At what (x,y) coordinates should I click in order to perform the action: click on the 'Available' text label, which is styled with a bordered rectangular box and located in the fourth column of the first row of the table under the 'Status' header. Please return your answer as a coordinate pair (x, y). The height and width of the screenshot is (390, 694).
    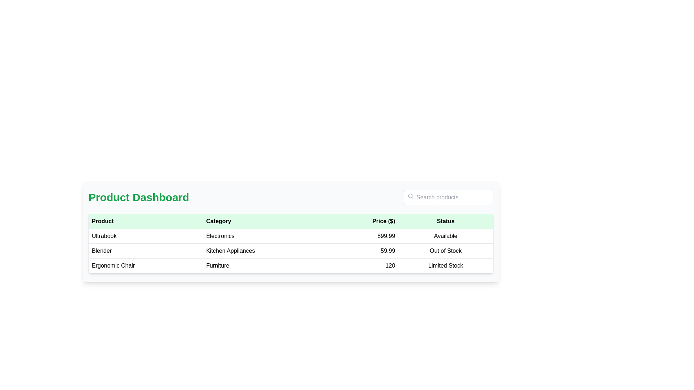
    Looking at the image, I should click on (445, 236).